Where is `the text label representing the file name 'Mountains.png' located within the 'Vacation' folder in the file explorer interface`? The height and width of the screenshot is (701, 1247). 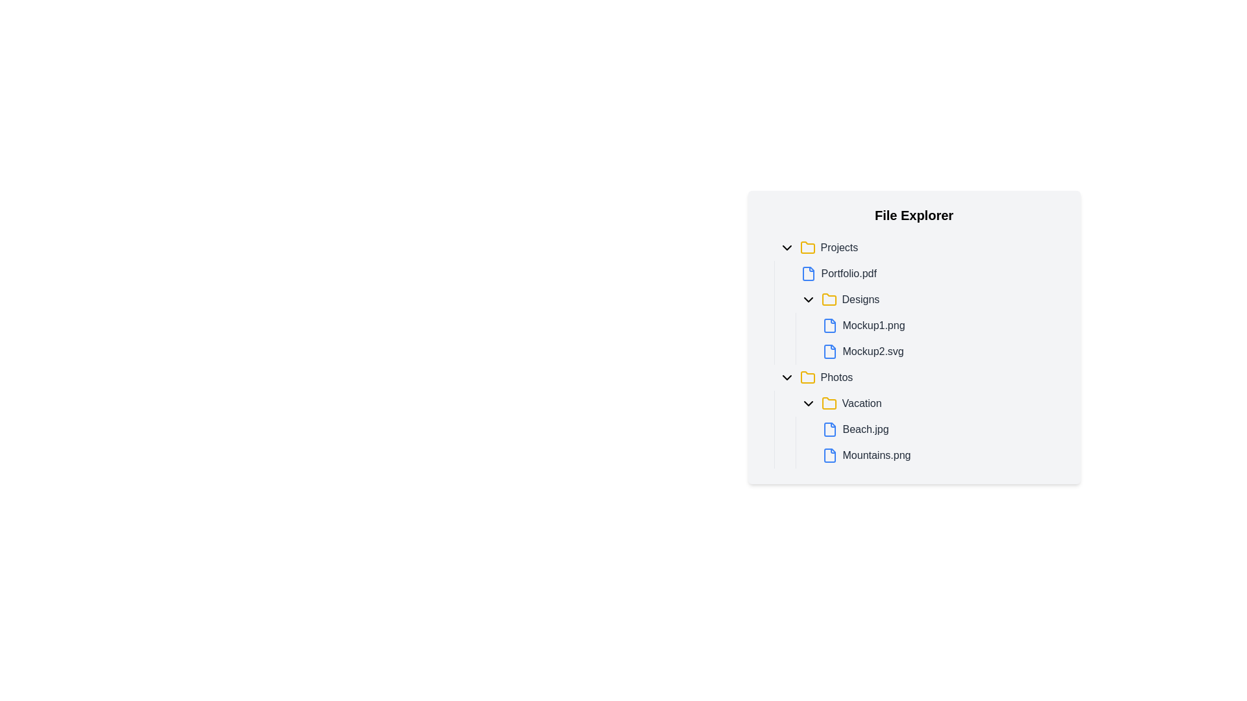
the text label representing the file name 'Mountains.png' located within the 'Vacation' folder in the file explorer interface is located at coordinates (876, 455).